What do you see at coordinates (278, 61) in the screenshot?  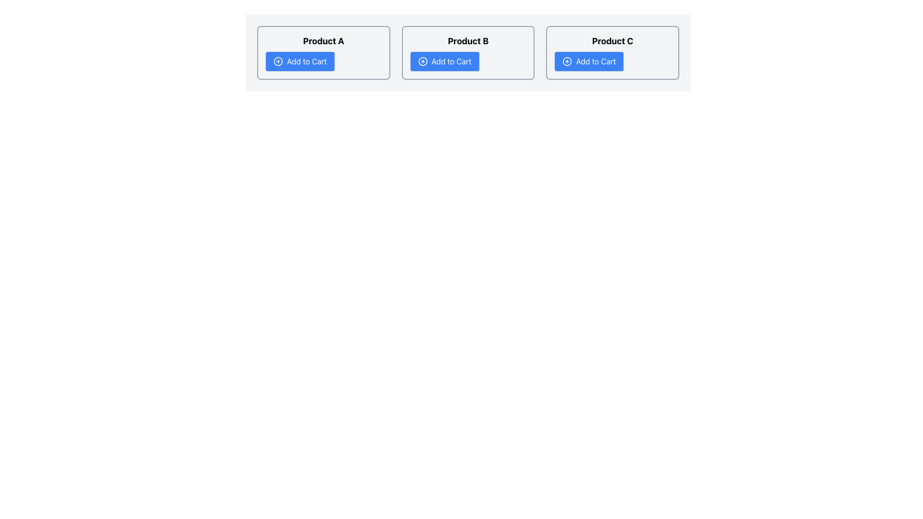 I see `the circular icon that represents the 'Add to Cart' action for 'Product A', located within the first product box on the left` at bounding box center [278, 61].